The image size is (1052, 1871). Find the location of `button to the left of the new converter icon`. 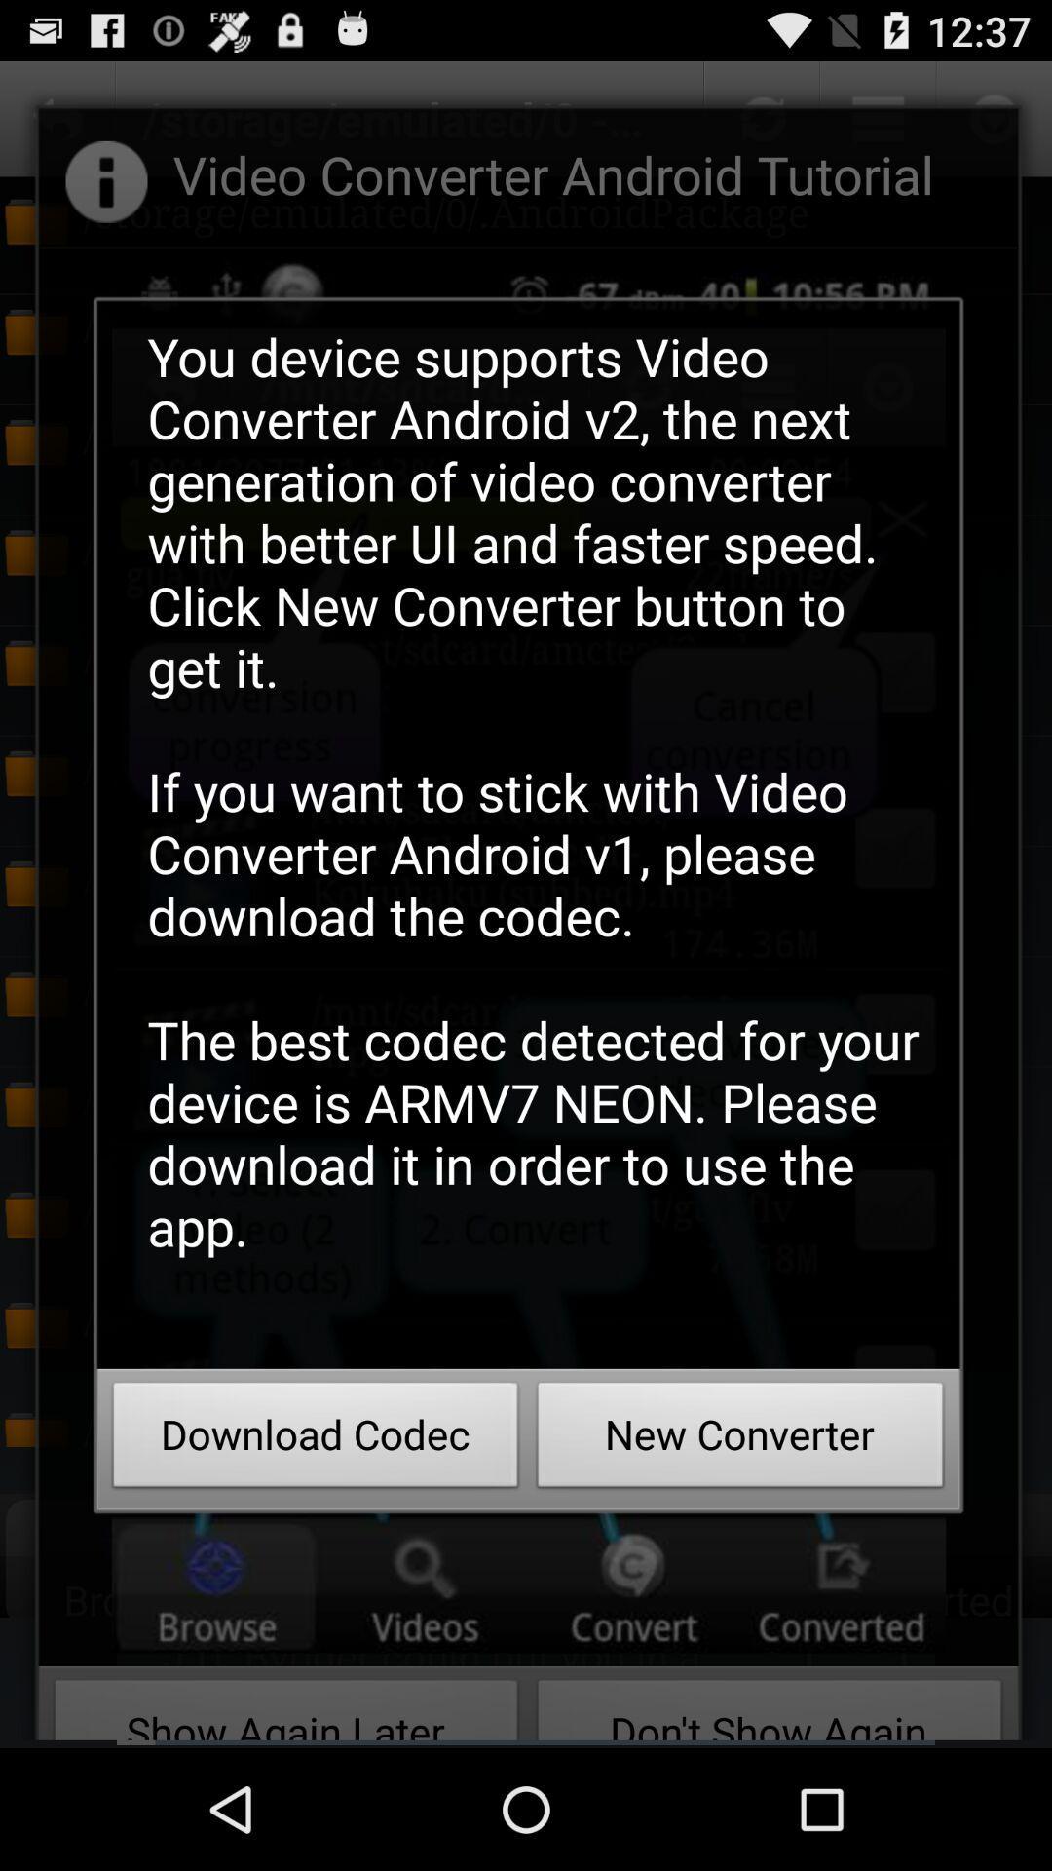

button to the left of the new converter icon is located at coordinates (315, 1440).